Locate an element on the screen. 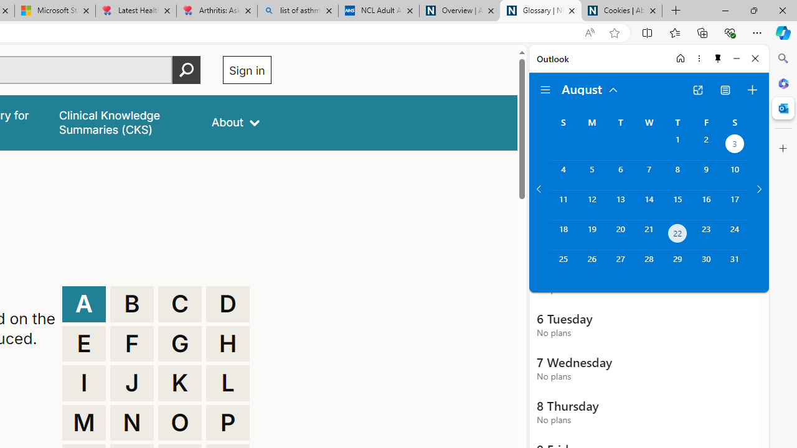 The image size is (797, 448). 'Folder navigation' is located at coordinates (545, 90).